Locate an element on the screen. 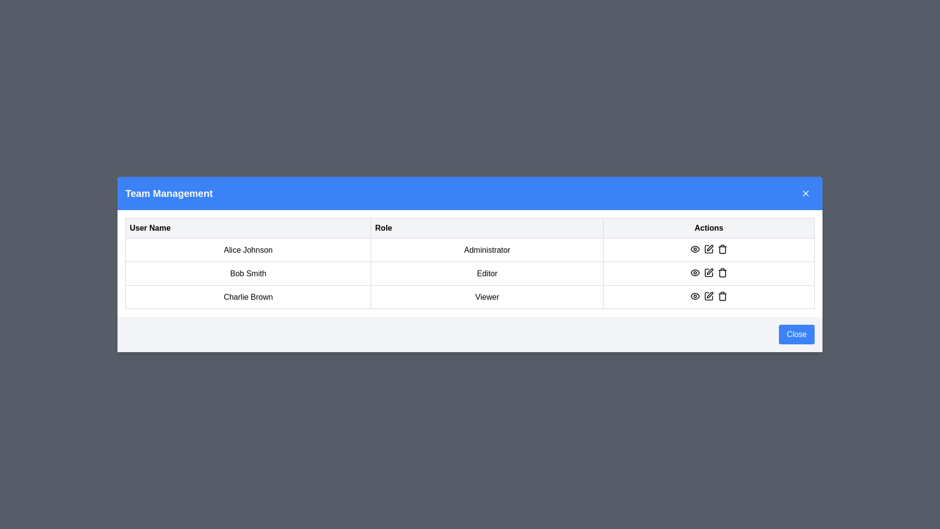 Image resolution: width=940 pixels, height=529 pixels. the circular eye-shaped icon in the 'Actions' column of the second row corresponding to 'Bob Smith' is located at coordinates (695, 272).